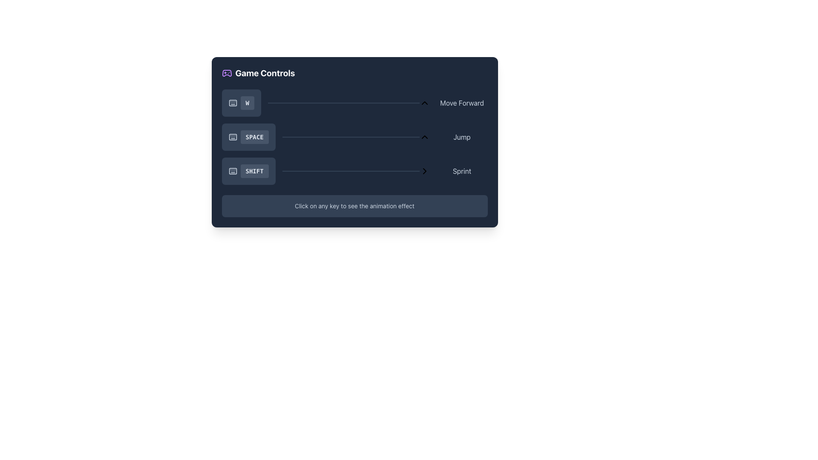 This screenshot has width=818, height=460. I want to click on the slider, so click(390, 103).